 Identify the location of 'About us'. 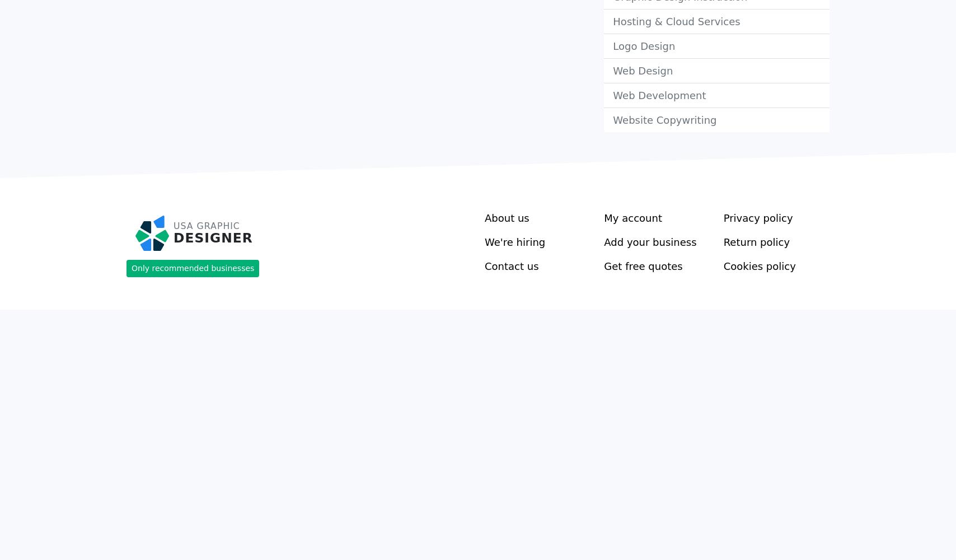
(507, 217).